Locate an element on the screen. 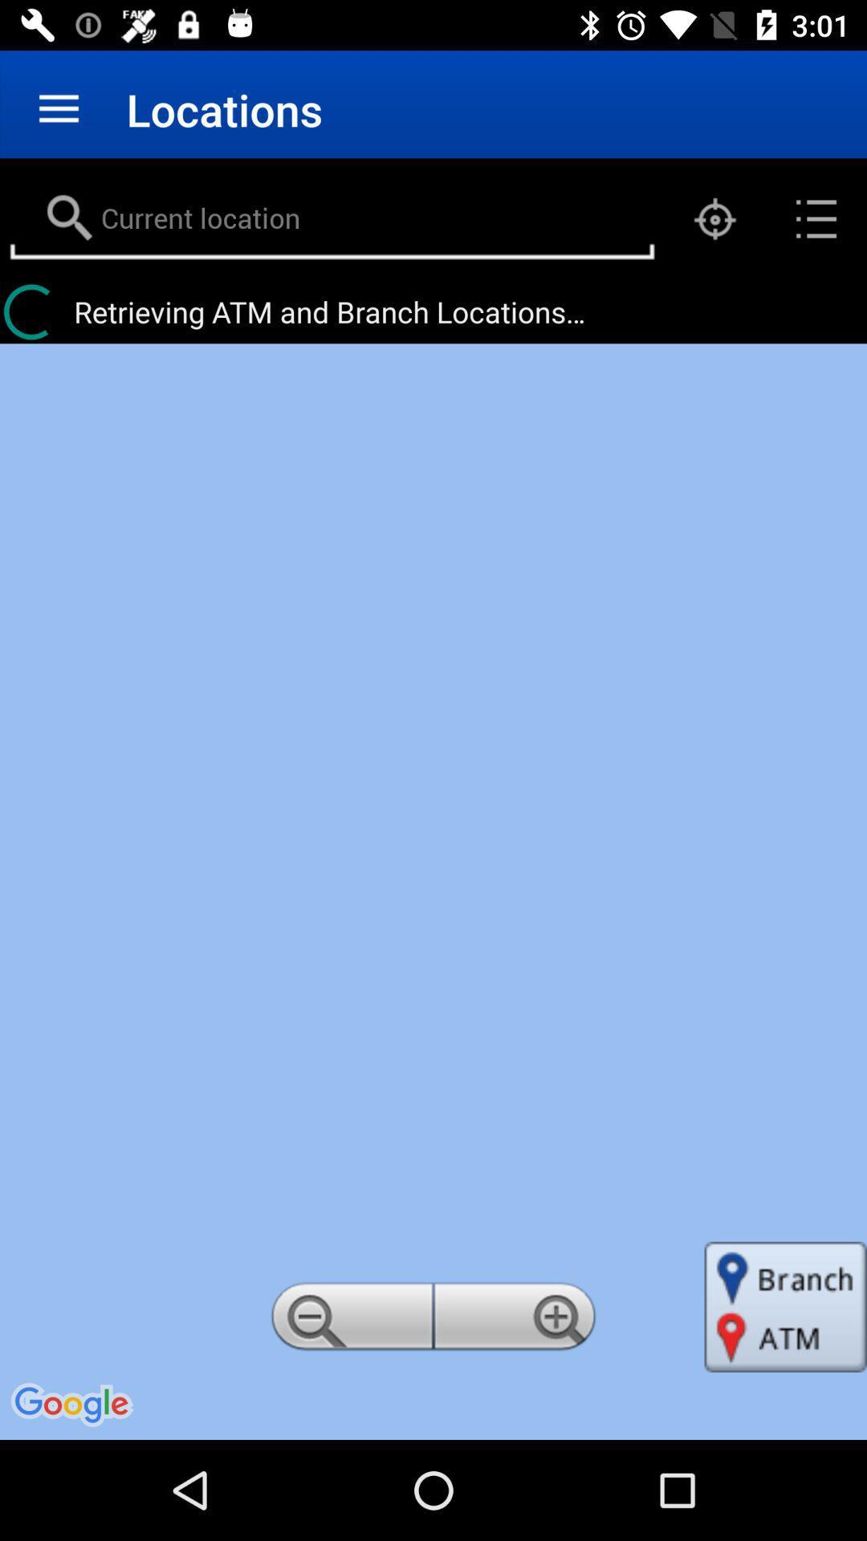 The height and width of the screenshot is (1541, 867). the list icon is located at coordinates (816, 218).